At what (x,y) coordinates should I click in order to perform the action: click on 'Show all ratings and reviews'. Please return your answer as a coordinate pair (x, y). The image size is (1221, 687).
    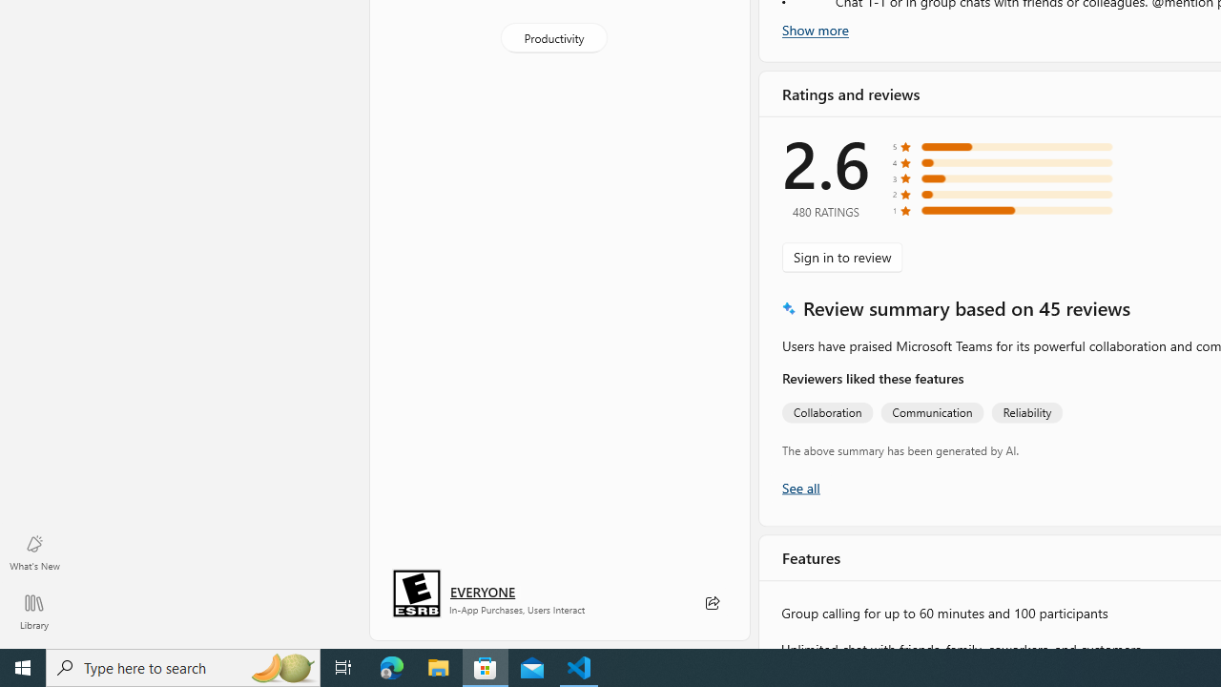
    Looking at the image, I should click on (800, 486).